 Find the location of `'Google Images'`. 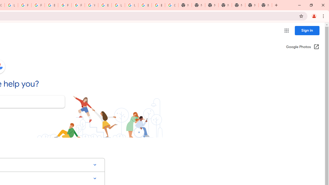

'Google Images' is located at coordinates (172, 5).